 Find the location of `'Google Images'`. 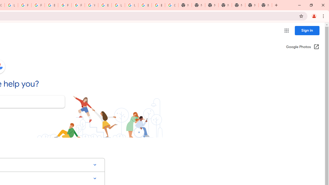

'Google Images' is located at coordinates (172, 5).